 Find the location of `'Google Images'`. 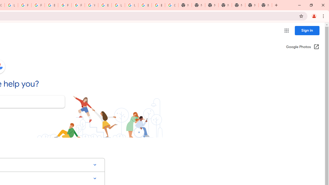

'Google Images' is located at coordinates (172, 5).